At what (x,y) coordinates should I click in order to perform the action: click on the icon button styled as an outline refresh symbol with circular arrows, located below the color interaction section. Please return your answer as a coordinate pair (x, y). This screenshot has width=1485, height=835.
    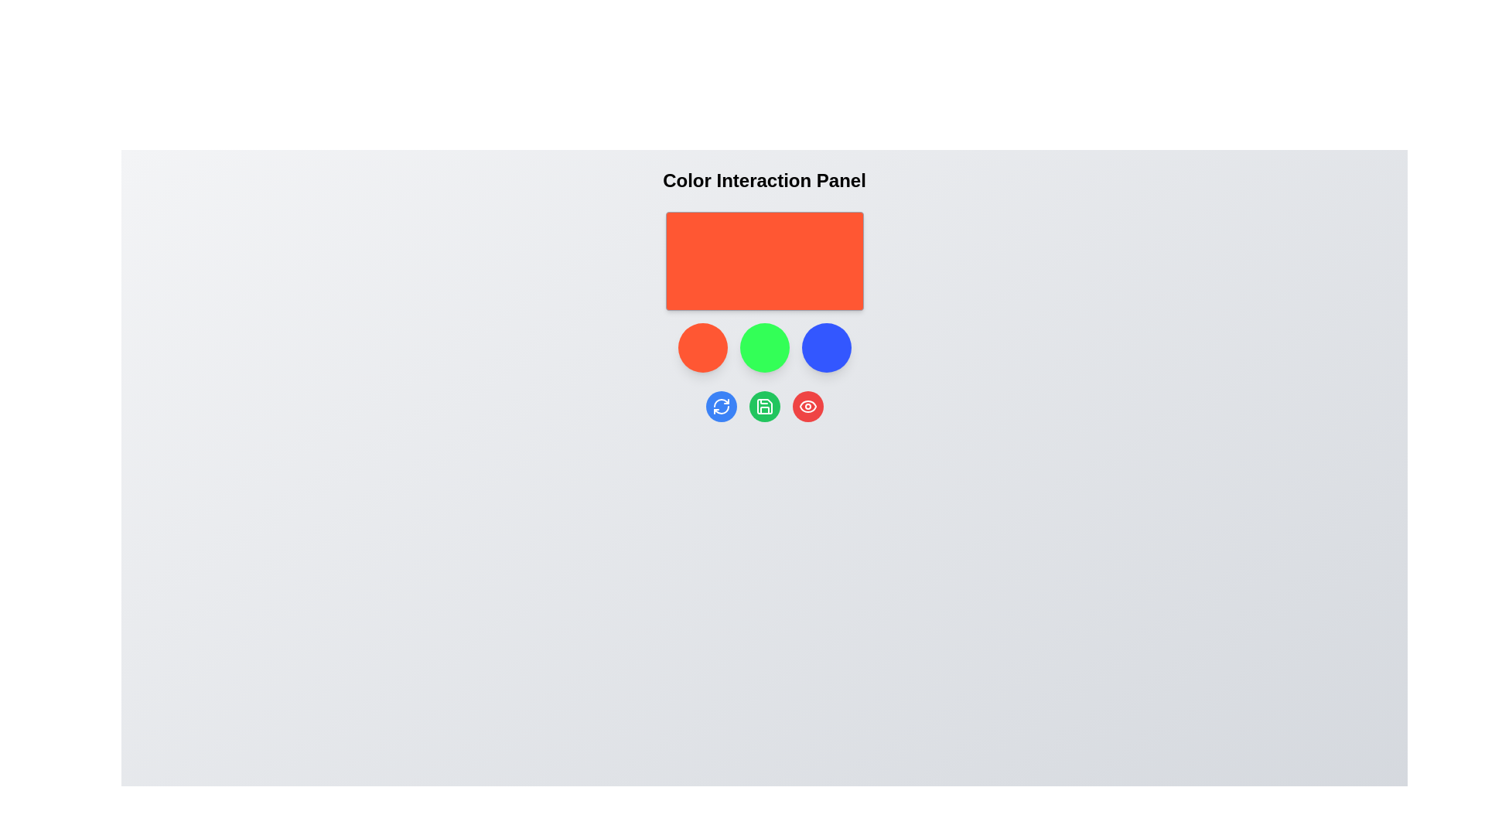
    Looking at the image, I should click on (720, 405).